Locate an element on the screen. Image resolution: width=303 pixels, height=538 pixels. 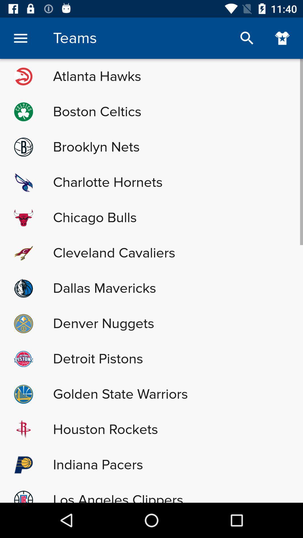
open search is located at coordinates (247, 38).